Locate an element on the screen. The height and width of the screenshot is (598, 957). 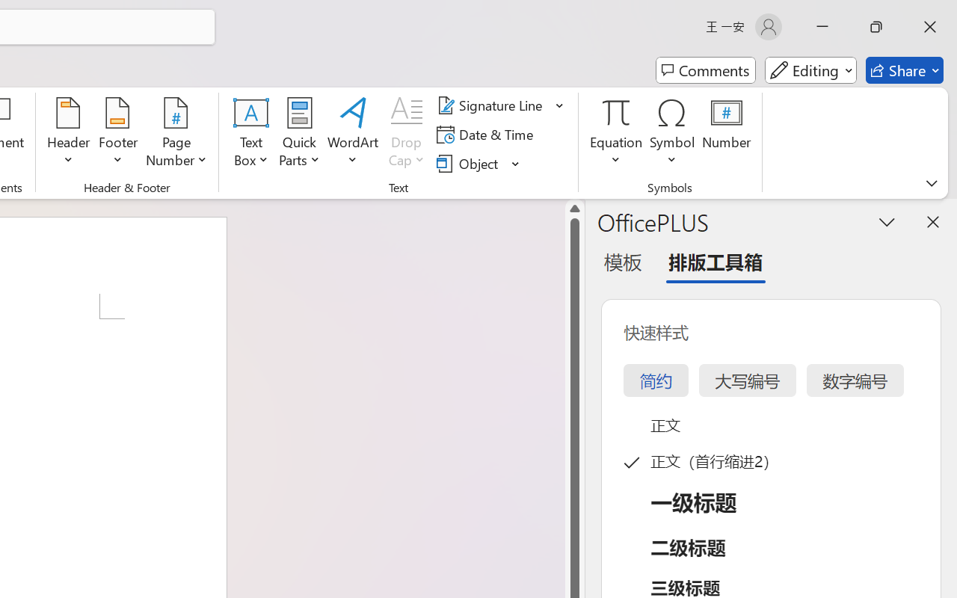
'Quick Parts' is located at coordinates (299, 134).